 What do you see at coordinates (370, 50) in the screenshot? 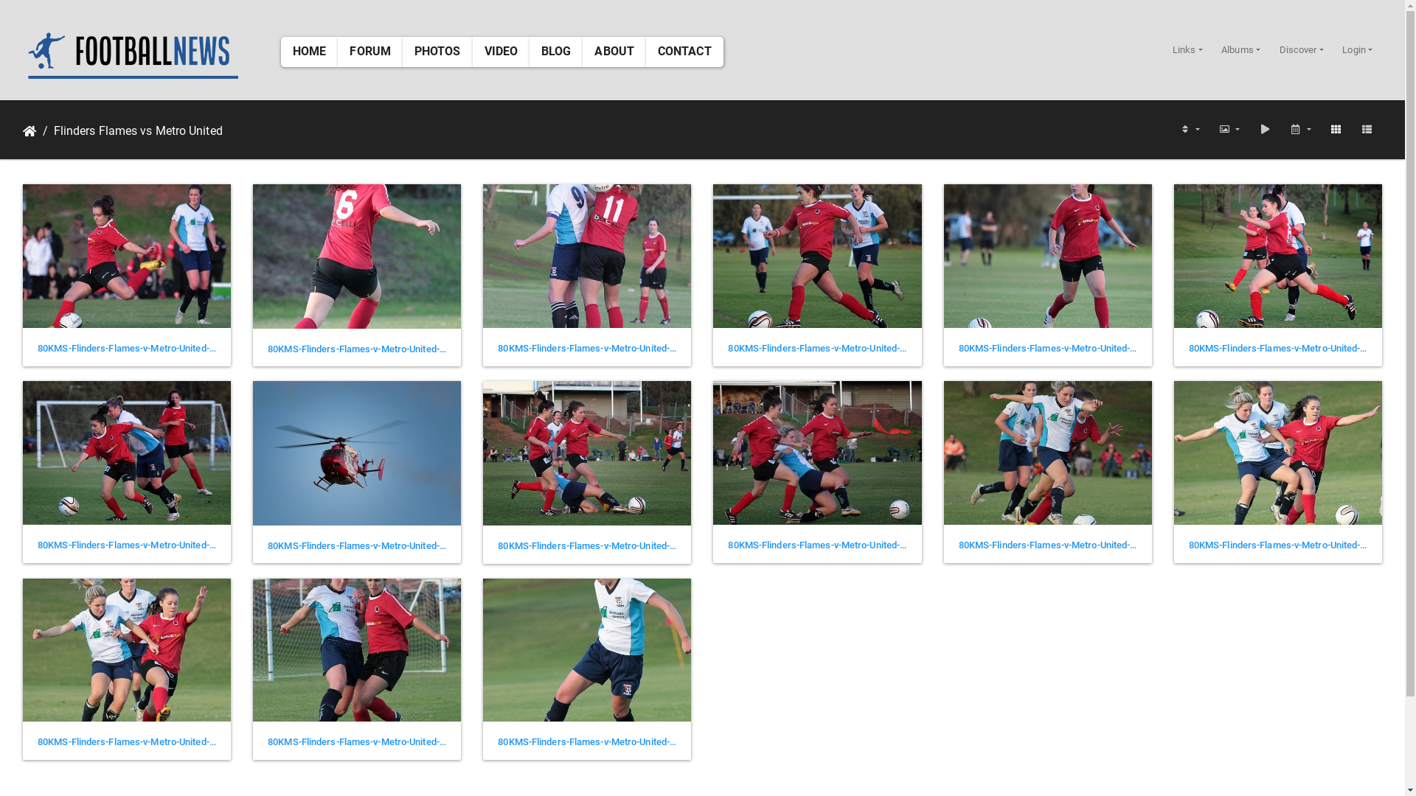
I see `'FORUM'` at bounding box center [370, 50].